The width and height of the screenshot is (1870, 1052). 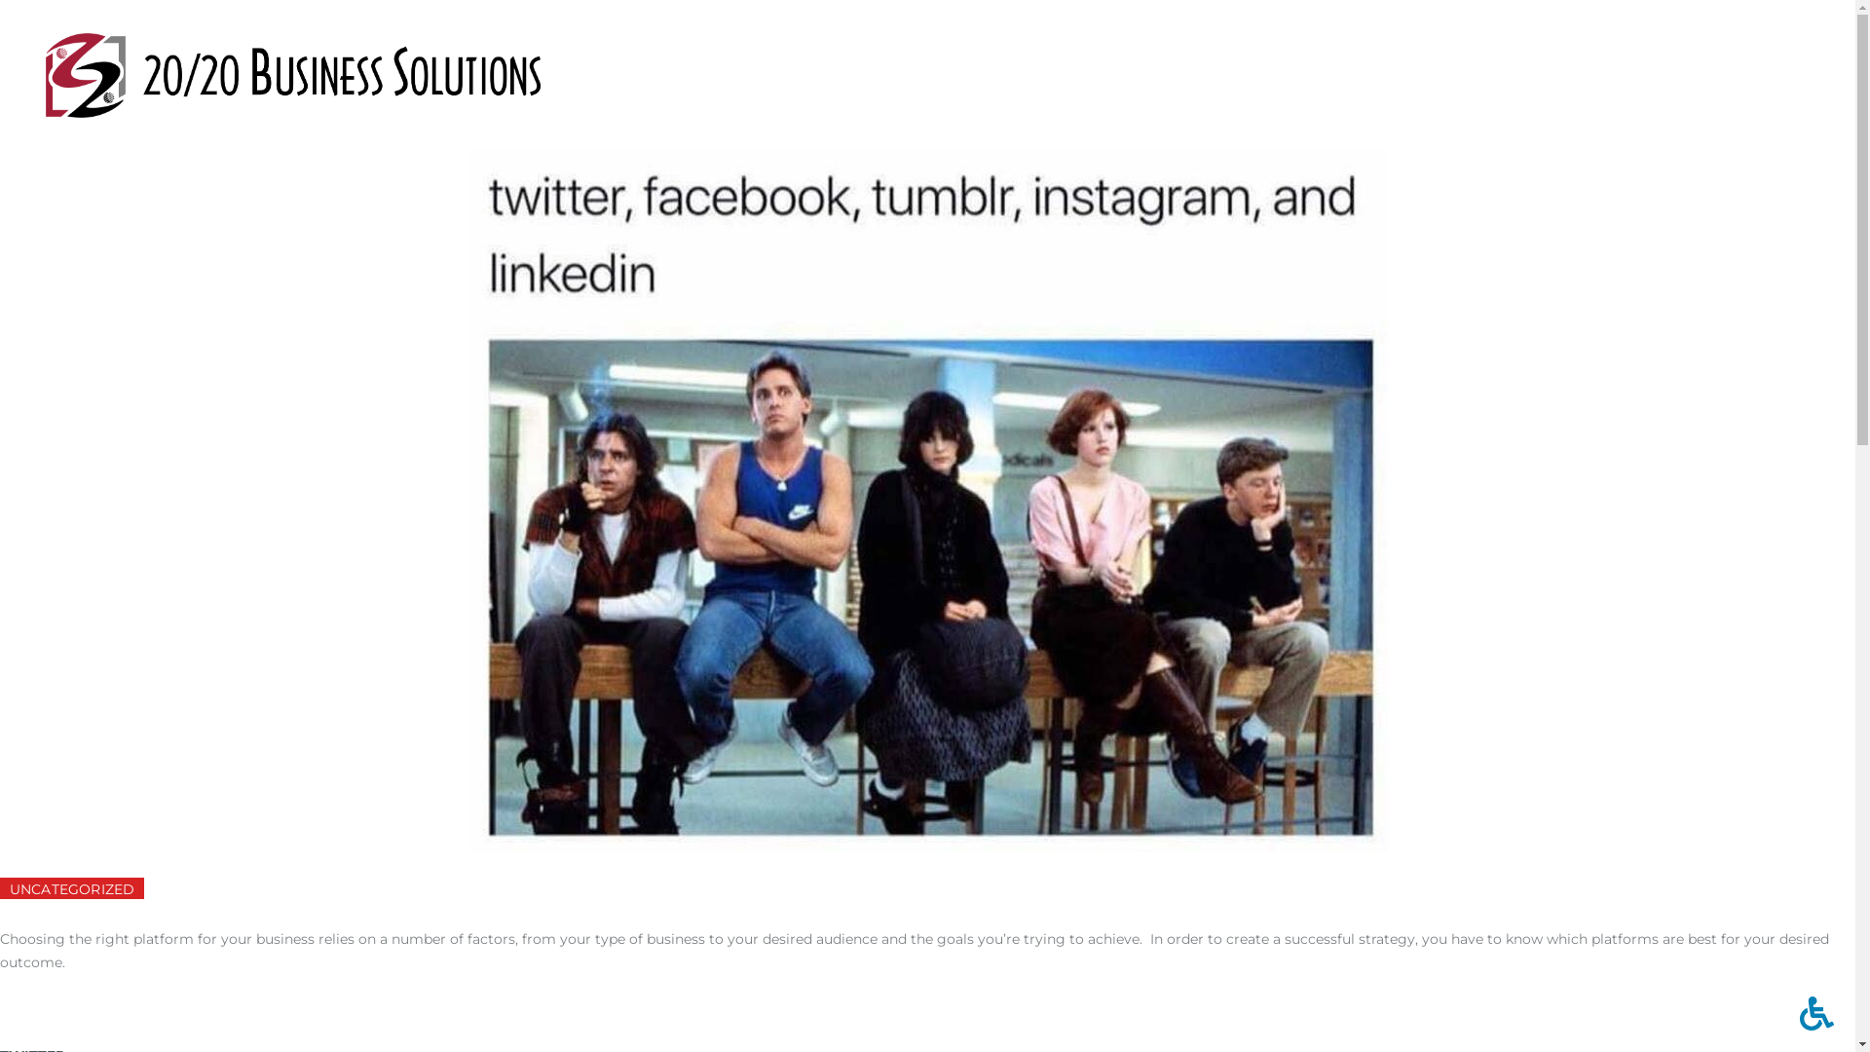 What do you see at coordinates (71, 887) in the screenshot?
I see `'UNCATEGORIZED'` at bounding box center [71, 887].